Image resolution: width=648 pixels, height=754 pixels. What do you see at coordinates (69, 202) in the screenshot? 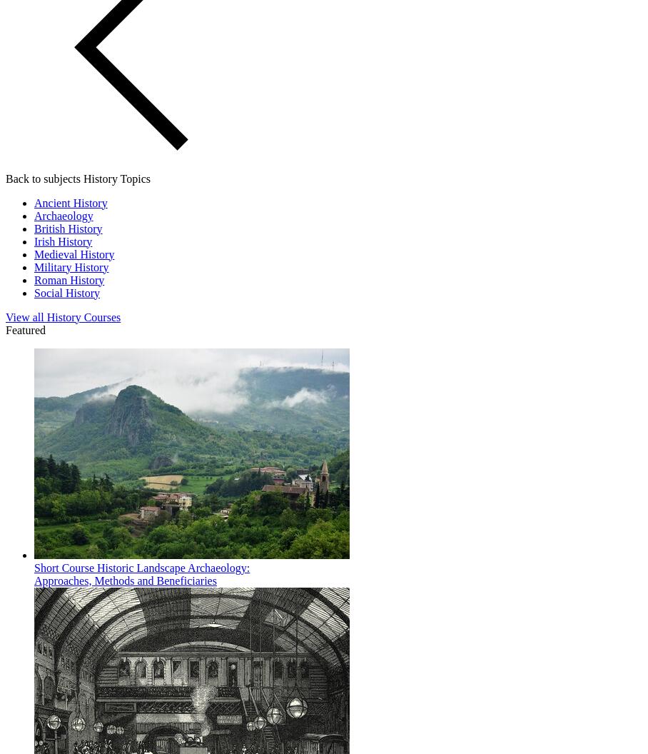
I see `'Ancient History'` at bounding box center [69, 202].